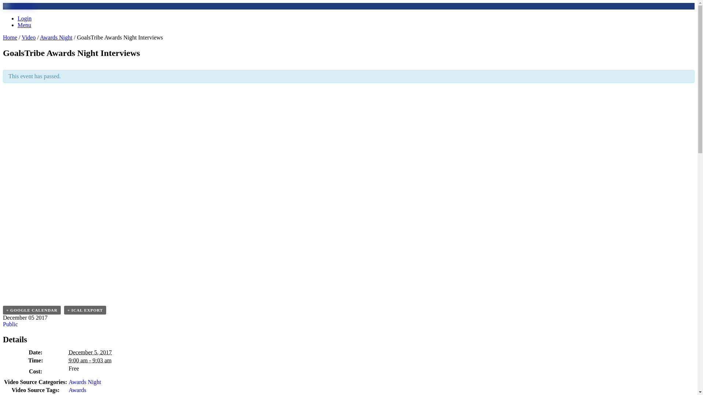  Describe the element at coordinates (68, 381) in the screenshot. I see `'Awards Night'` at that location.